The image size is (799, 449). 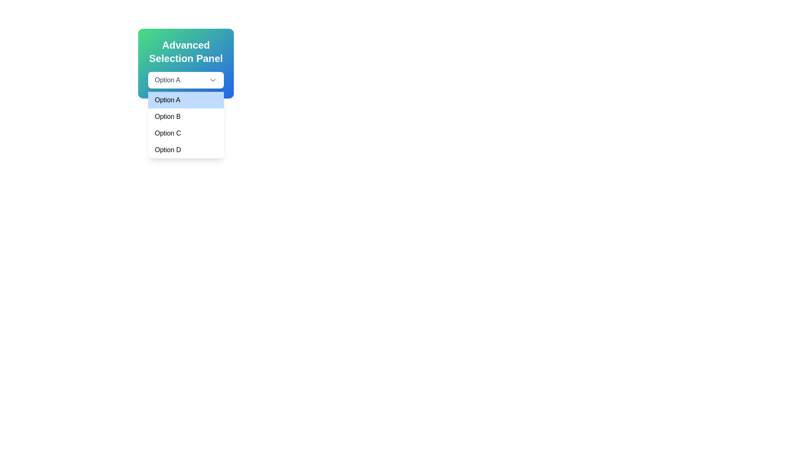 I want to click on the selectable list item displaying 'Option C', so click(x=185, y=133).